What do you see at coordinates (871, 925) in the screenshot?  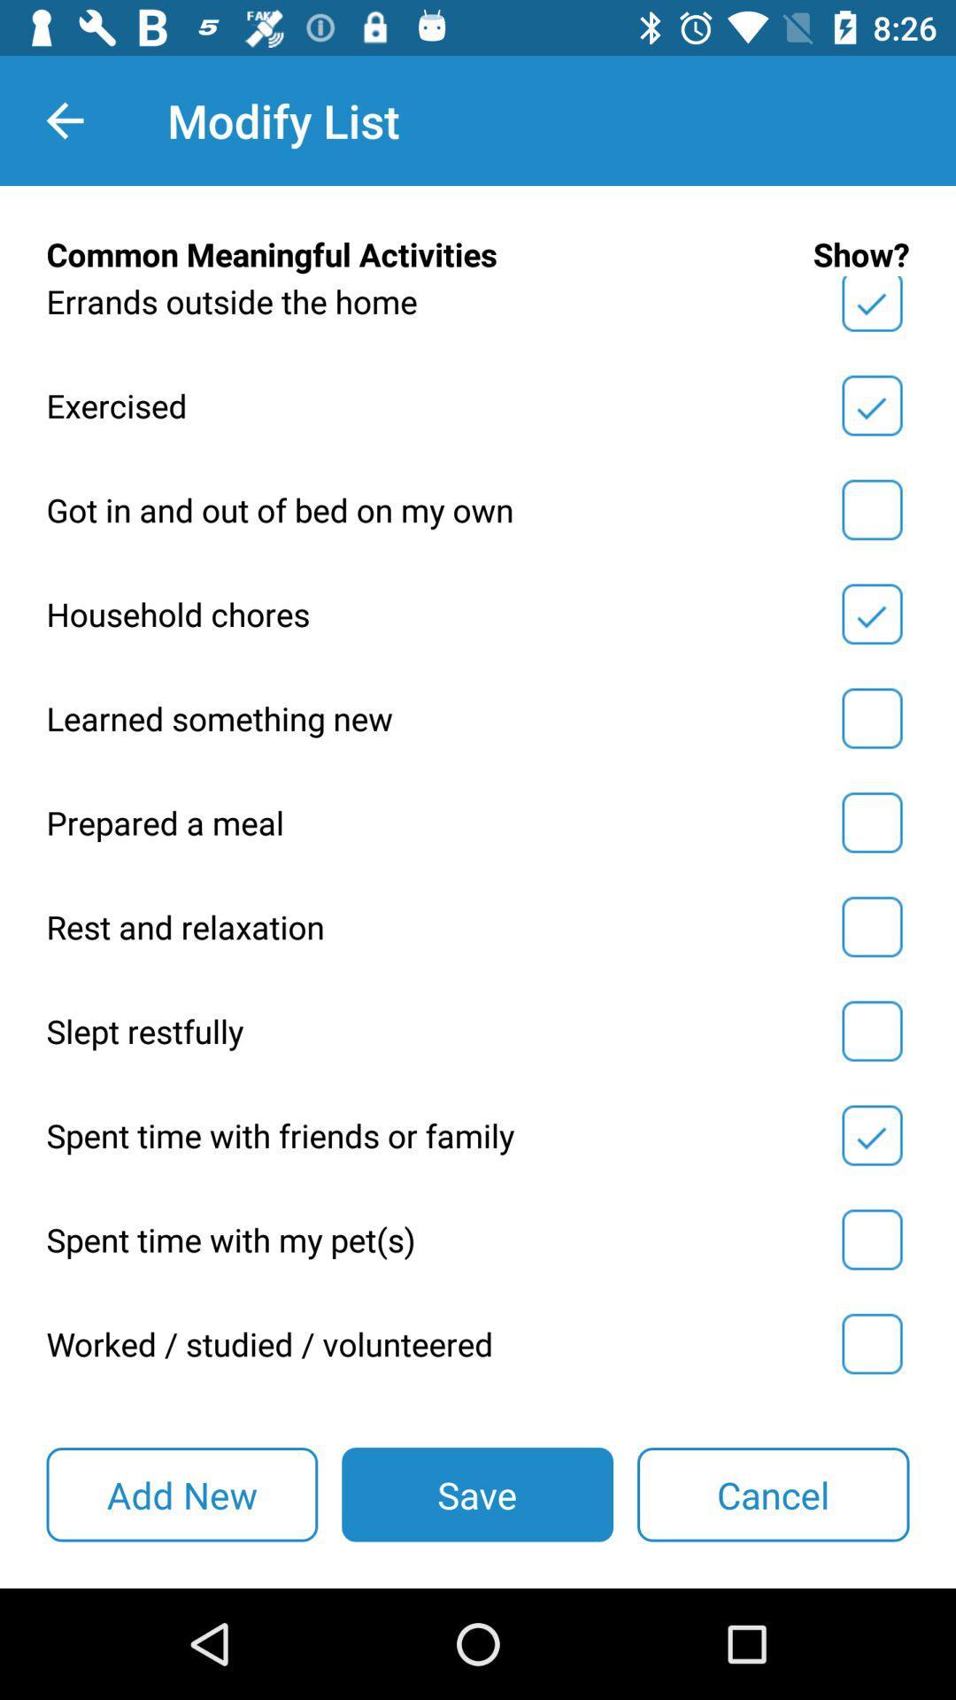 I see `option toggle` at bounding box center [871, 925].